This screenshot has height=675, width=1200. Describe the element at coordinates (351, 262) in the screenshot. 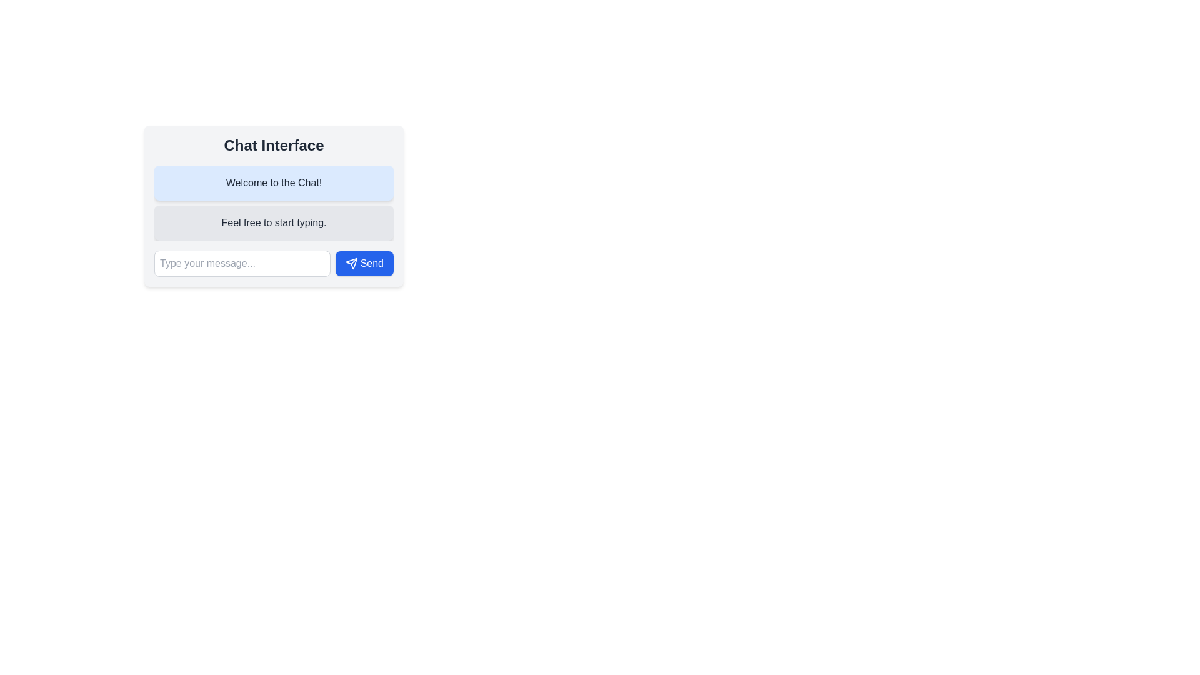

I see `the send icon, which resembles a blue paper airplane, located on the far right of the input field in the chat interface, to send the message` at that location.